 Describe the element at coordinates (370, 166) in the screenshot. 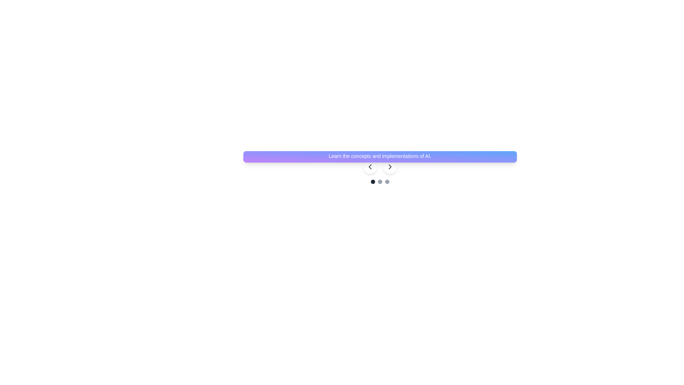

I see `the Chevron Left icon` at that location.